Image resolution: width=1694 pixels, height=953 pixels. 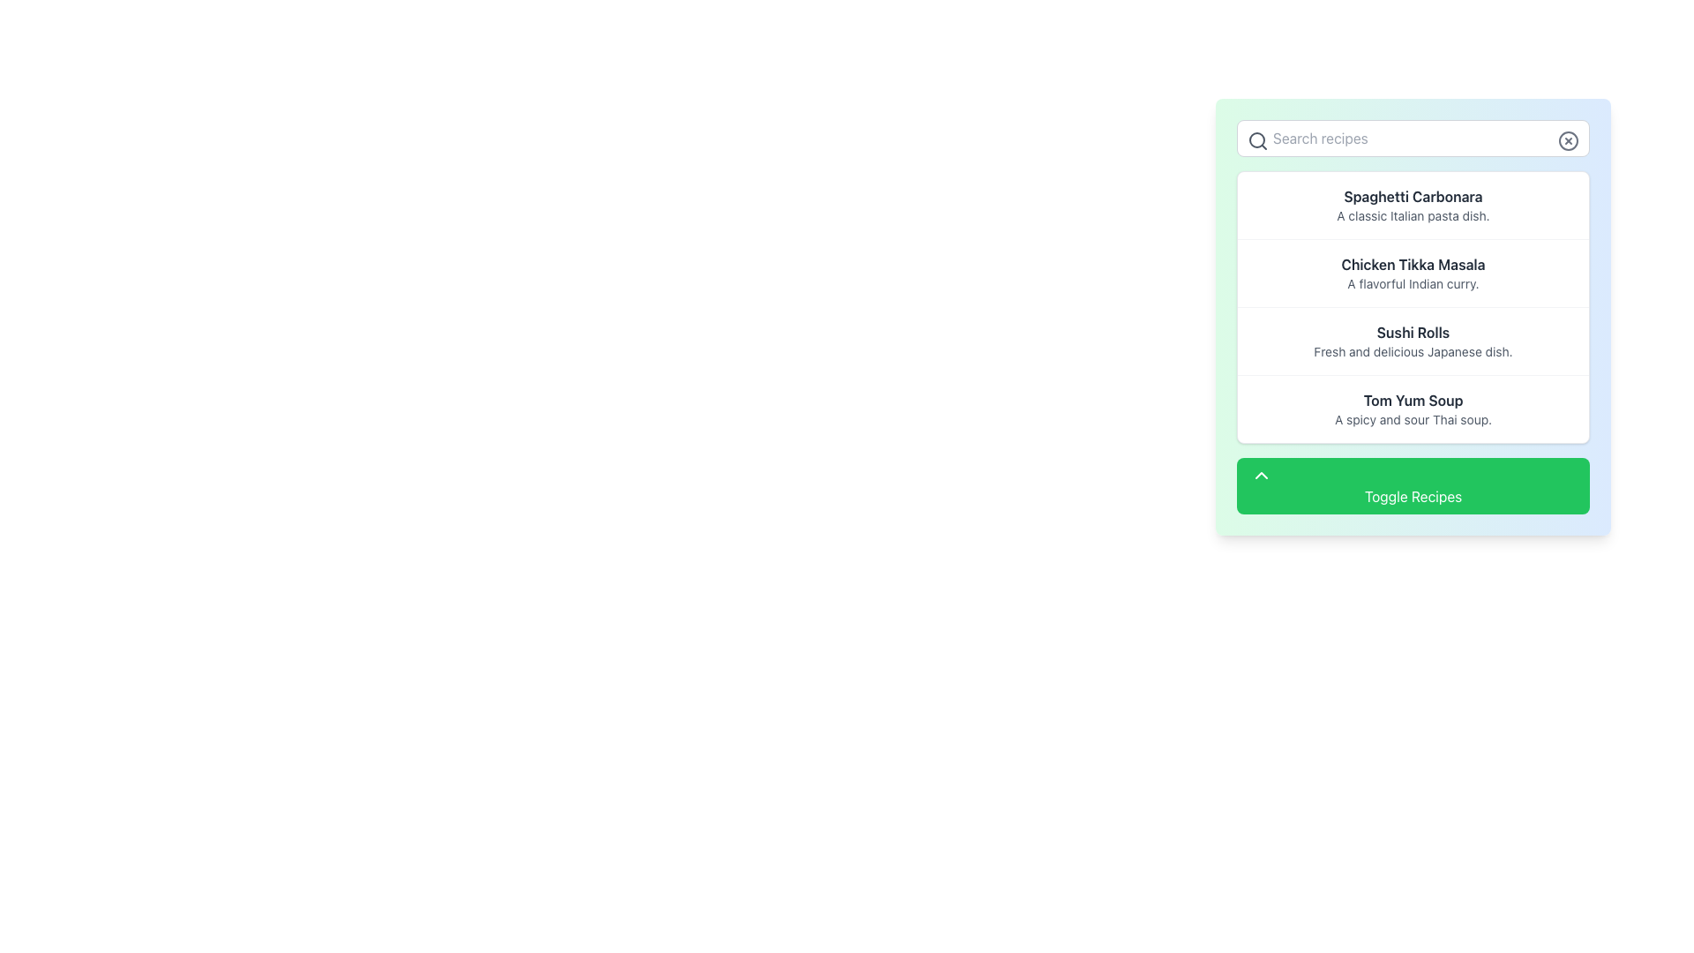 What do you see at coordinates (1413, 419) in the screenshot?
I see `the text element displaying 'A spicy and sour Thai soup,' which is the subtitle below 'Tom Yum Soup' in the recipe list` at bounding box center [1413, 419].